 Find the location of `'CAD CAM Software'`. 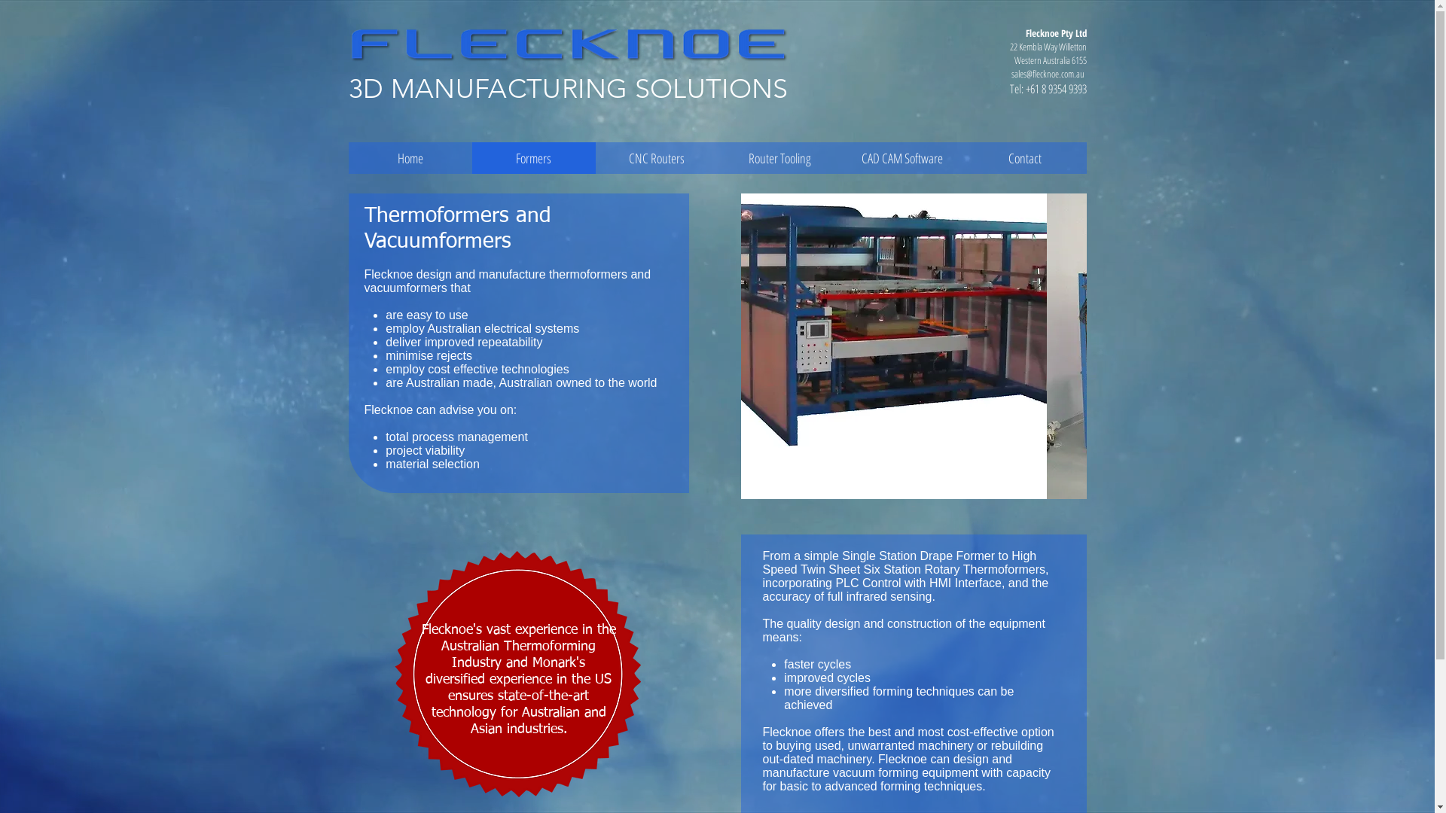

'CAD CAM Software' is located at coordinates (901, 157).